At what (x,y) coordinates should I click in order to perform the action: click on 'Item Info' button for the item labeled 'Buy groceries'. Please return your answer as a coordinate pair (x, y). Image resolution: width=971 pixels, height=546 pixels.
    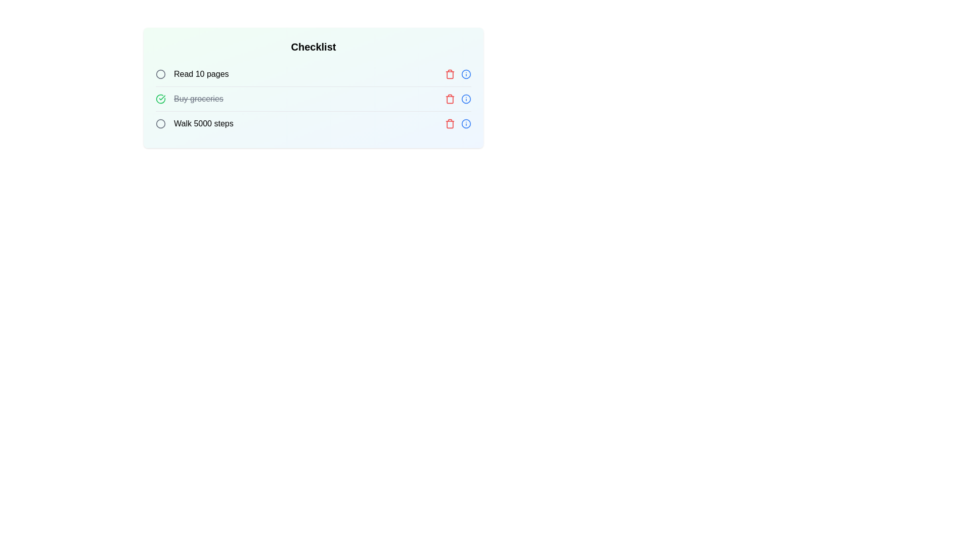
    Looking at the image, I should click on (465, 99).